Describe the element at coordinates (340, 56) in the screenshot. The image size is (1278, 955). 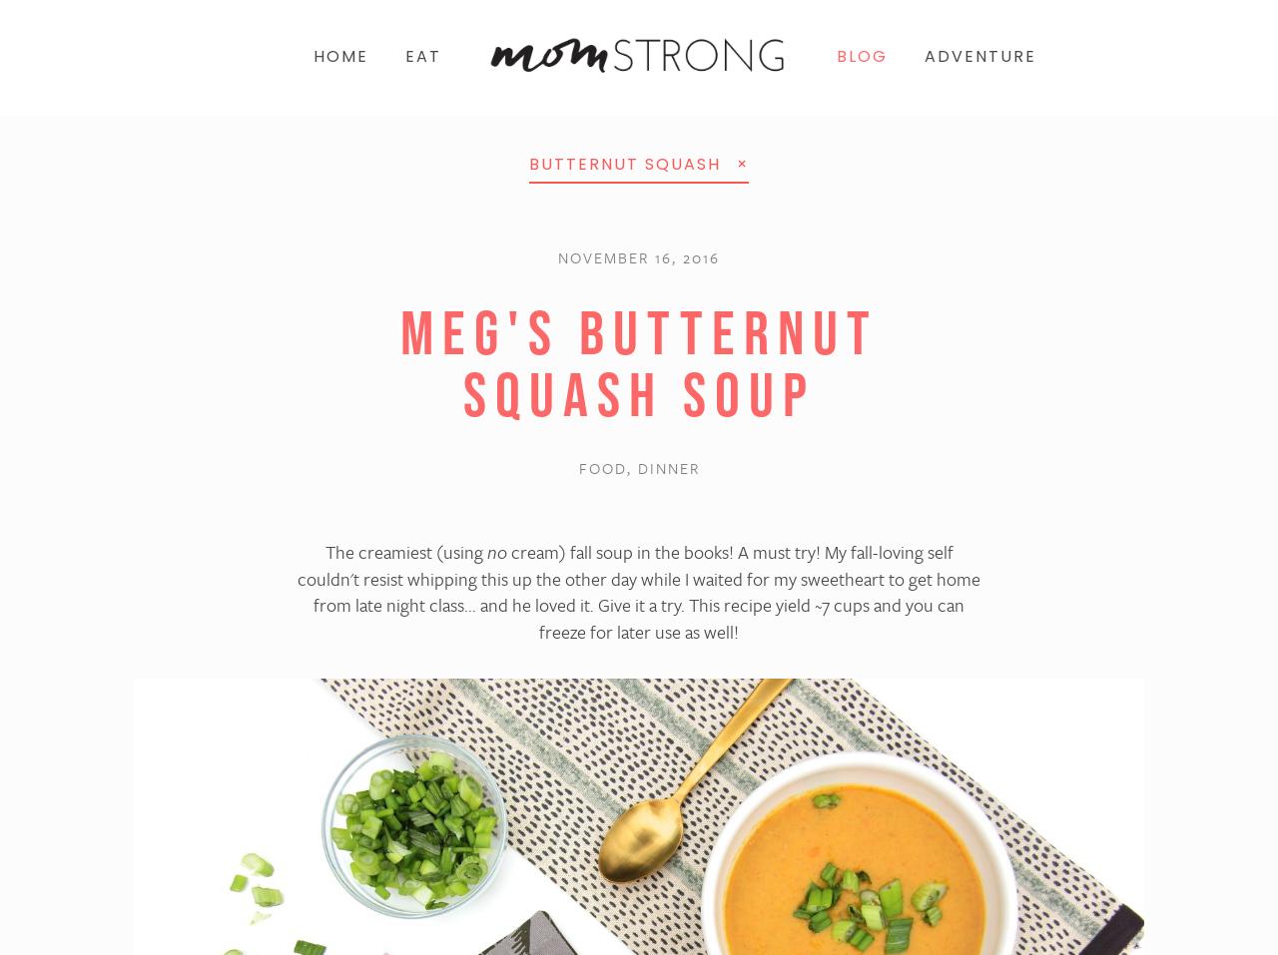
I see `'Home'` at that location.